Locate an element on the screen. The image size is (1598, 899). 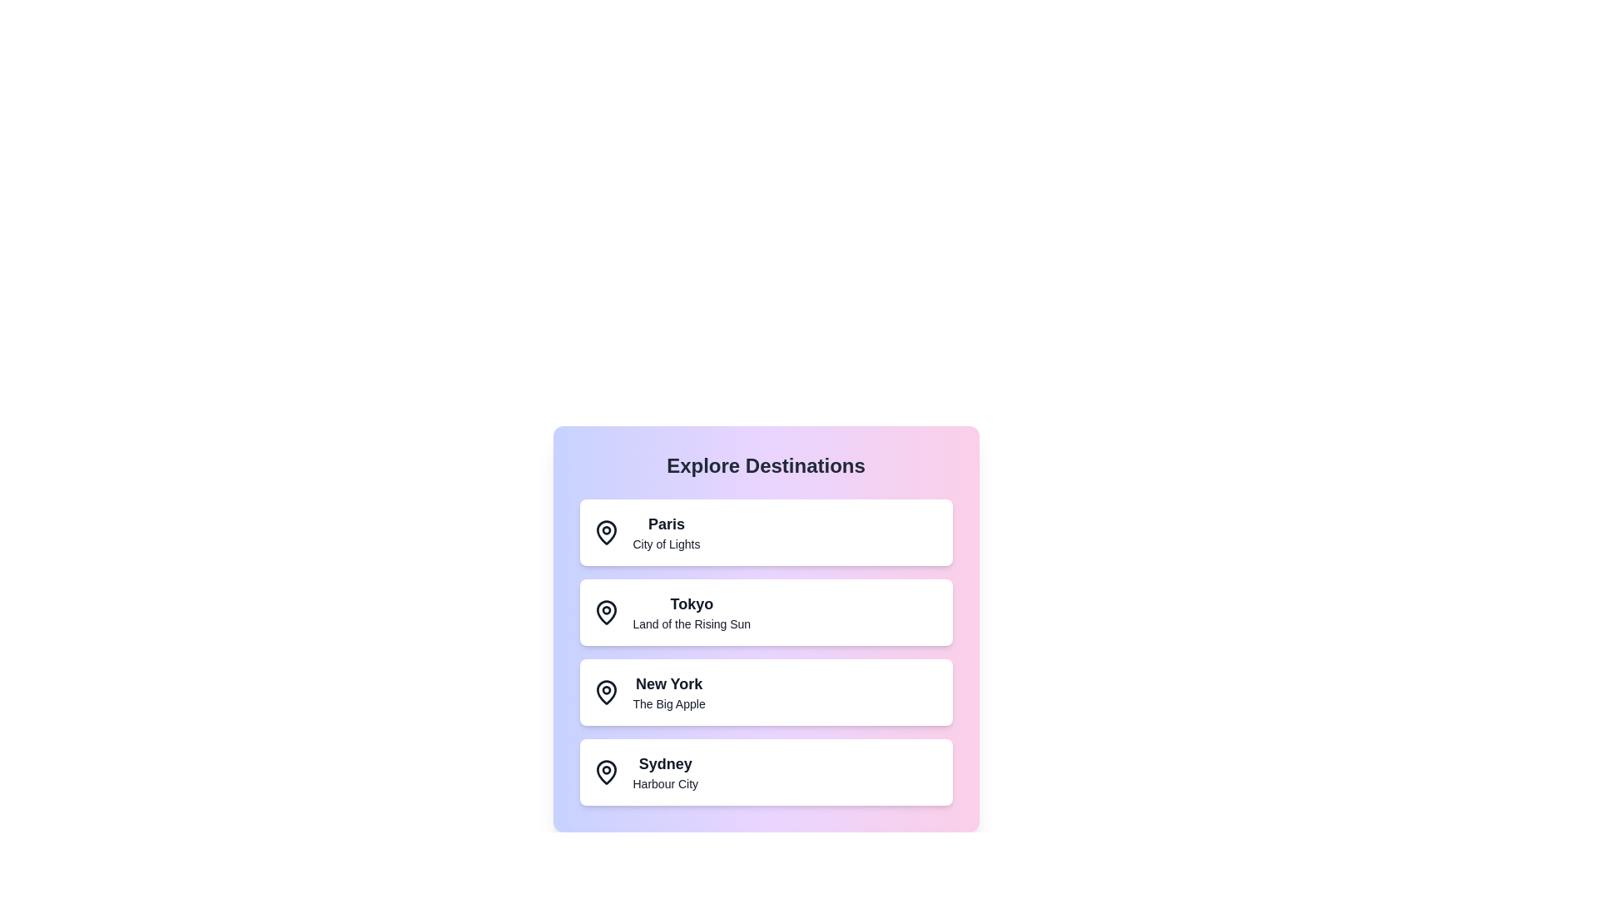
the destination panel corresponding to New York is located at coordinates (765, 693).